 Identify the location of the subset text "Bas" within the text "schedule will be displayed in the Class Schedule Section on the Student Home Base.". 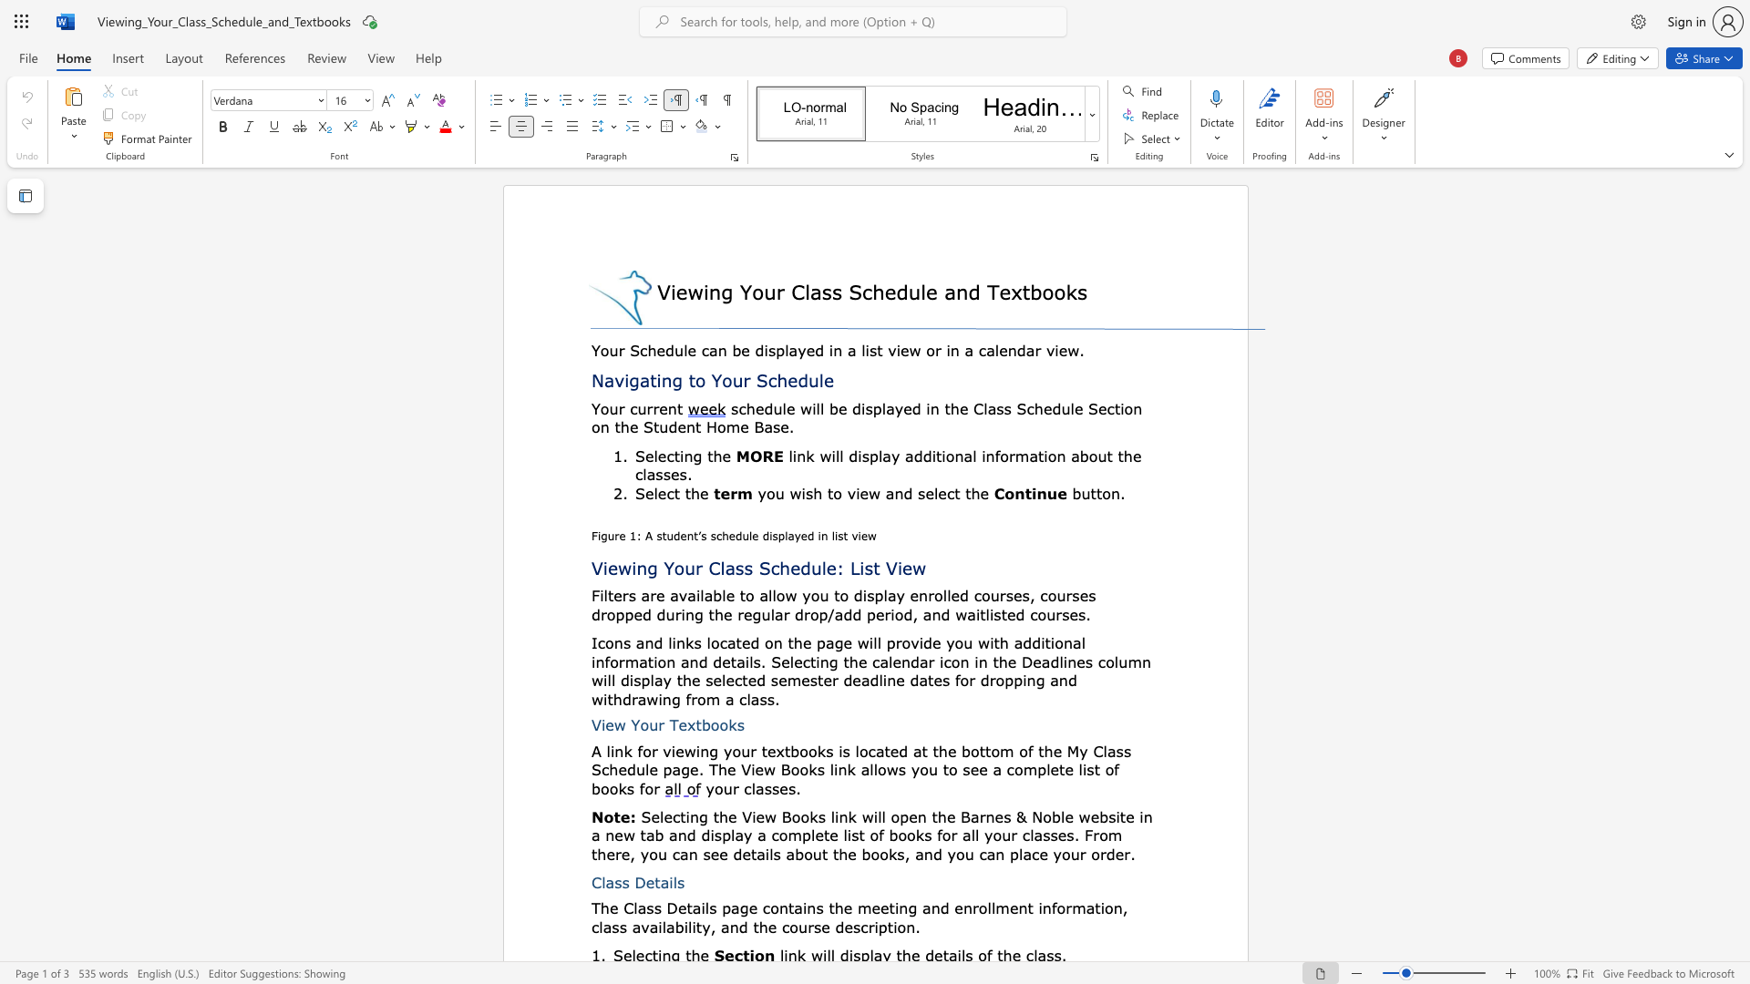
(754, 426).